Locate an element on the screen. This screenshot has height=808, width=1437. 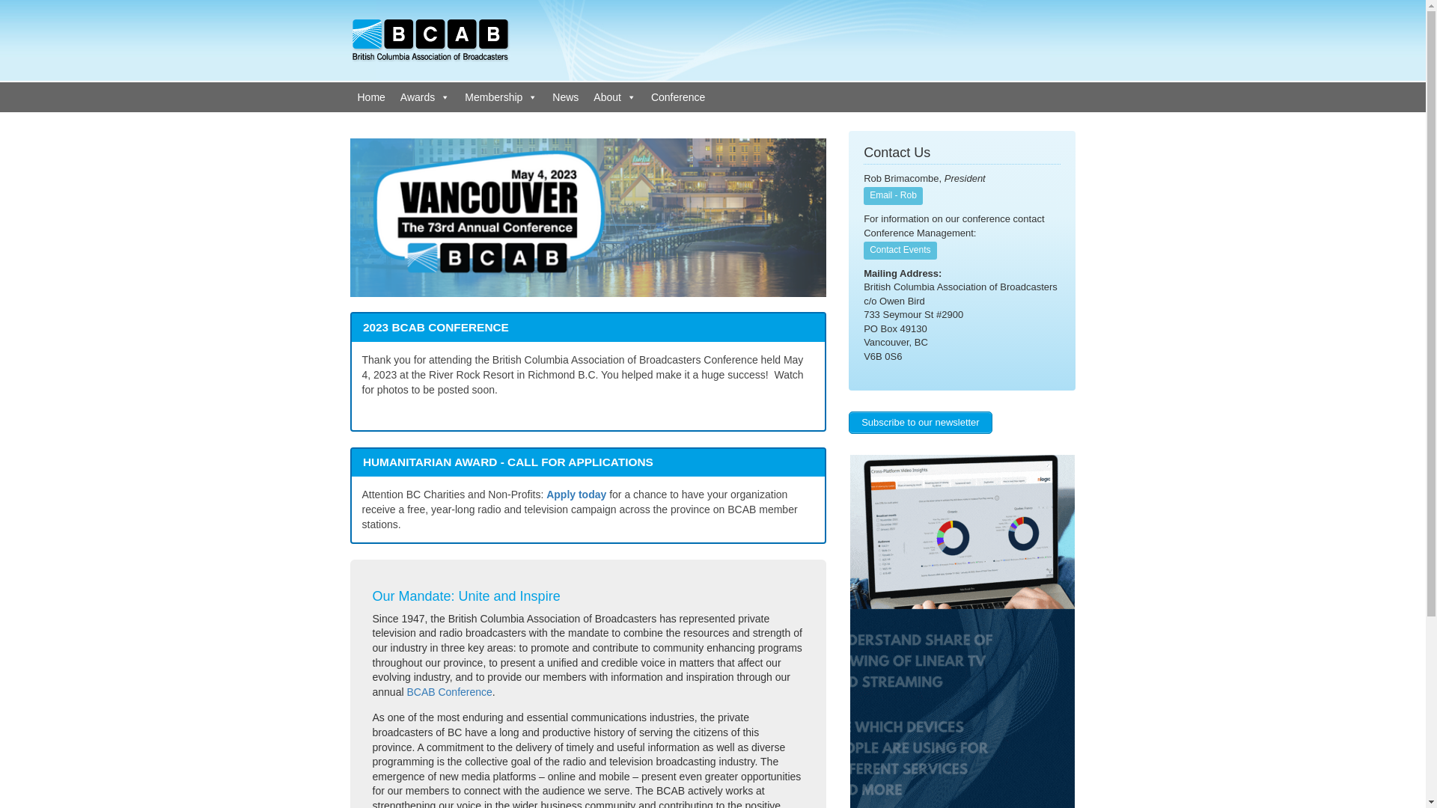
'British Columbia Association of Broadcasters' is located at coordinates (430, 40).